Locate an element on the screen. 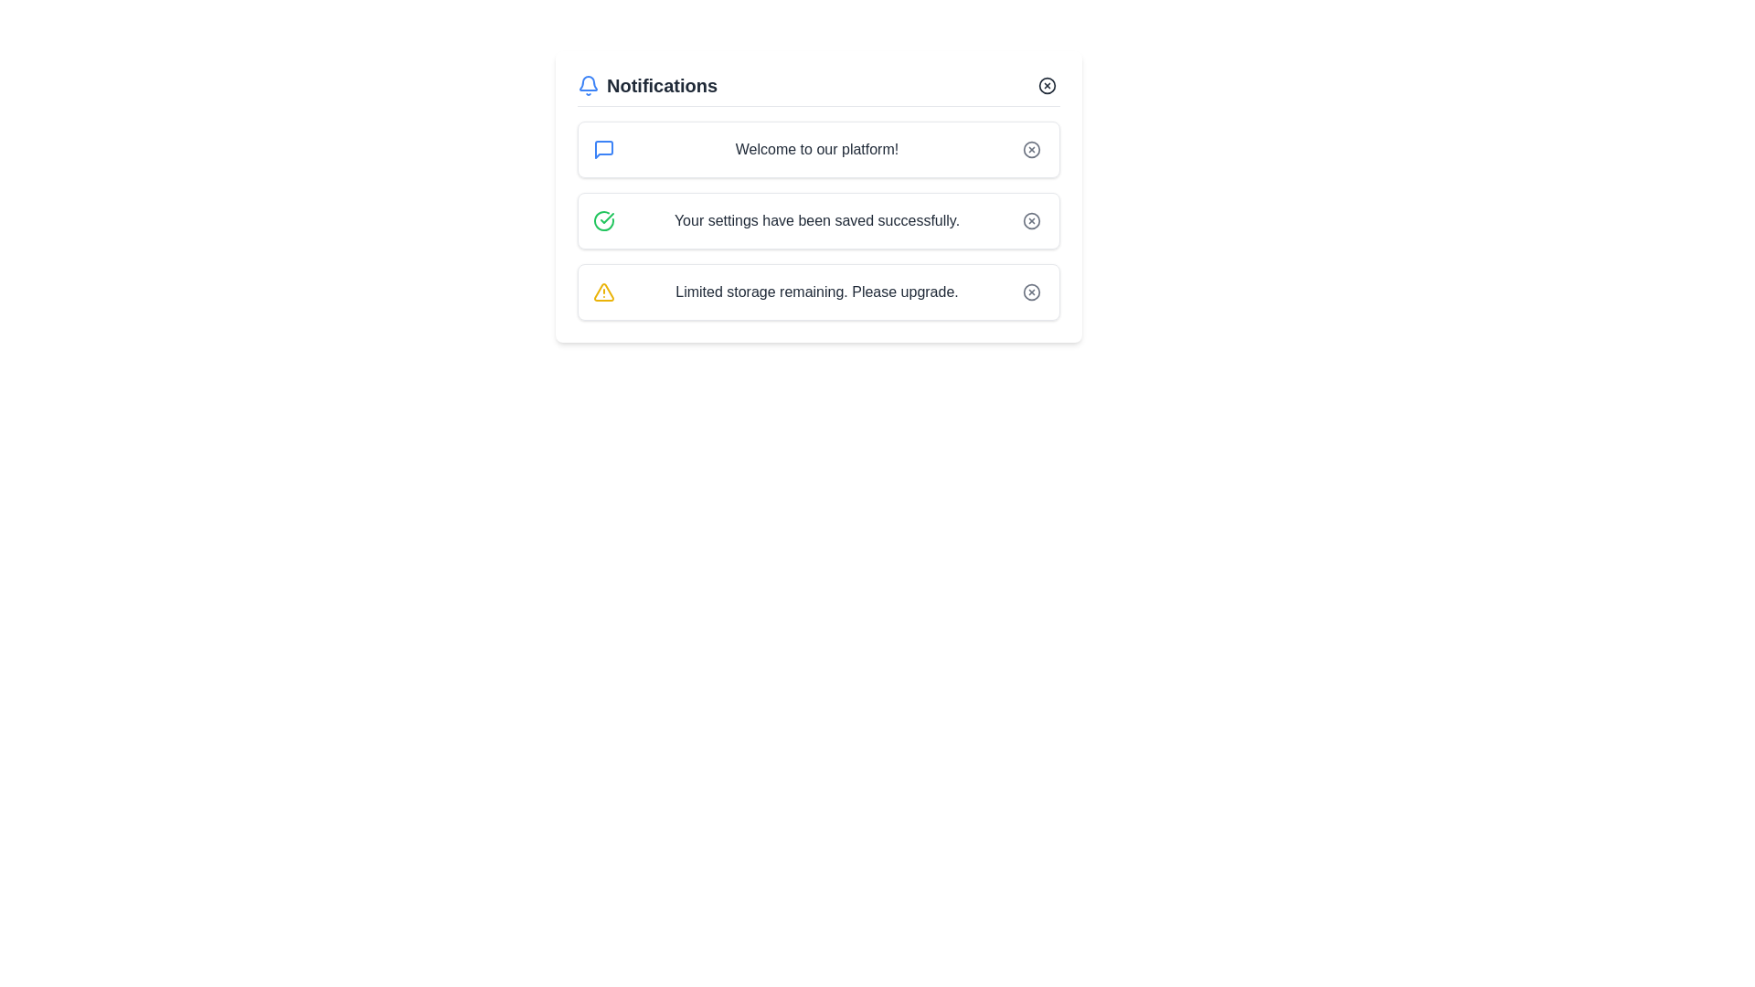 The width and height of the screenshot is (1755, 987). the dismiss button located in the third notification item is located at coordinates (1031, 292).